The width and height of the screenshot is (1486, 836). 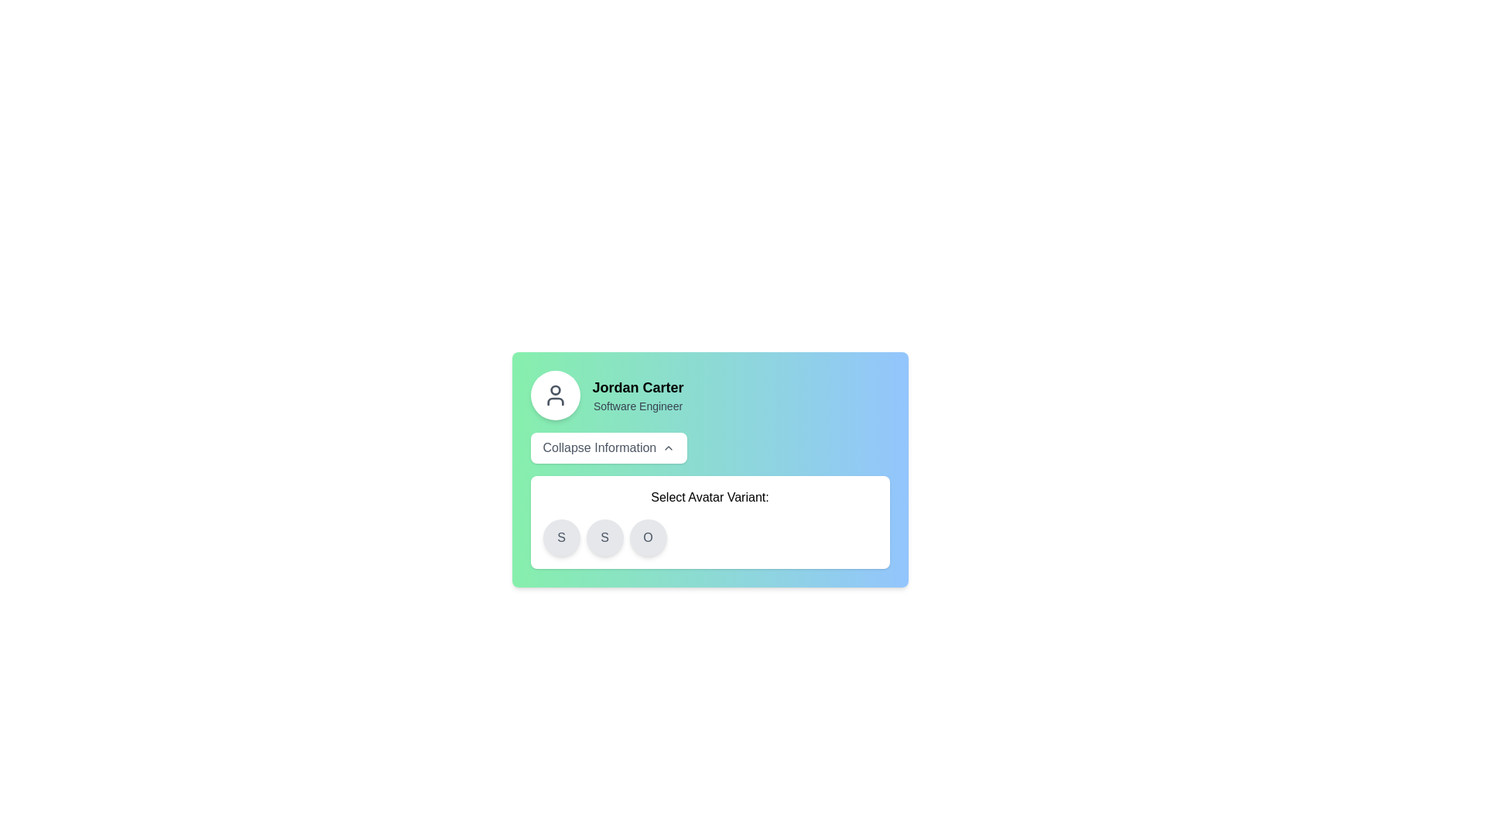 What do you see at coordinates (709, 522) in the screenshot?
I see `the selectable avatar icons in the group titled 'Select Avatar Variant:' which are displayed in grayscale on a white background` at bounding box center [709, 522].